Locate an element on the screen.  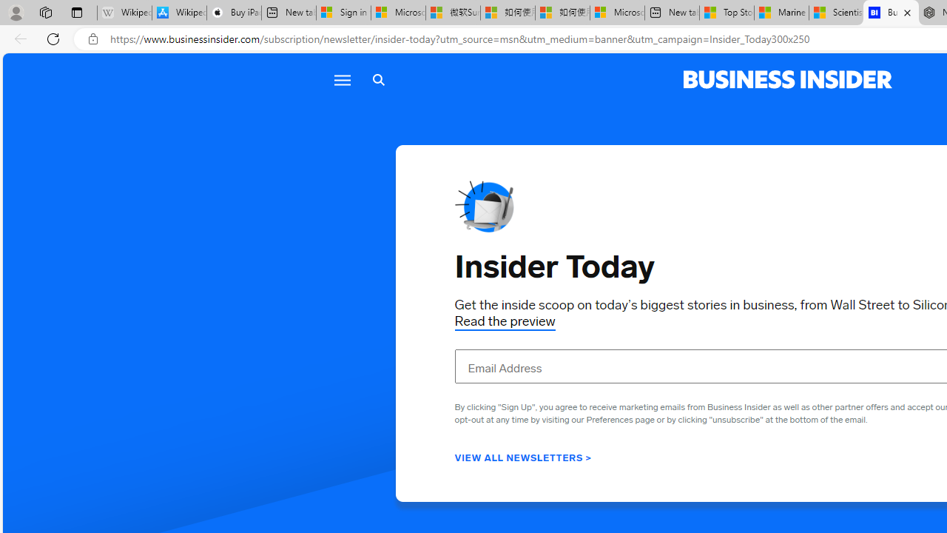
'Search icon' is located at coordinates (379, 80).